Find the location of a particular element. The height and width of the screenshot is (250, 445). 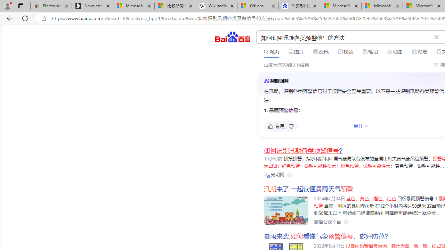

'Class: vip-icon_kNmNt' is located at coordinates (268, 176).